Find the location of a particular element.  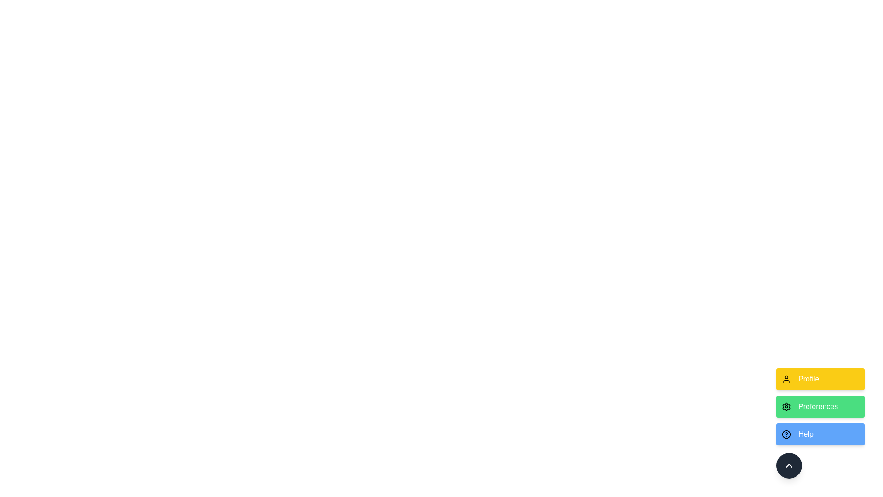

the action labeled Profile to observe the hover effect is located at coordinates (820, 379).